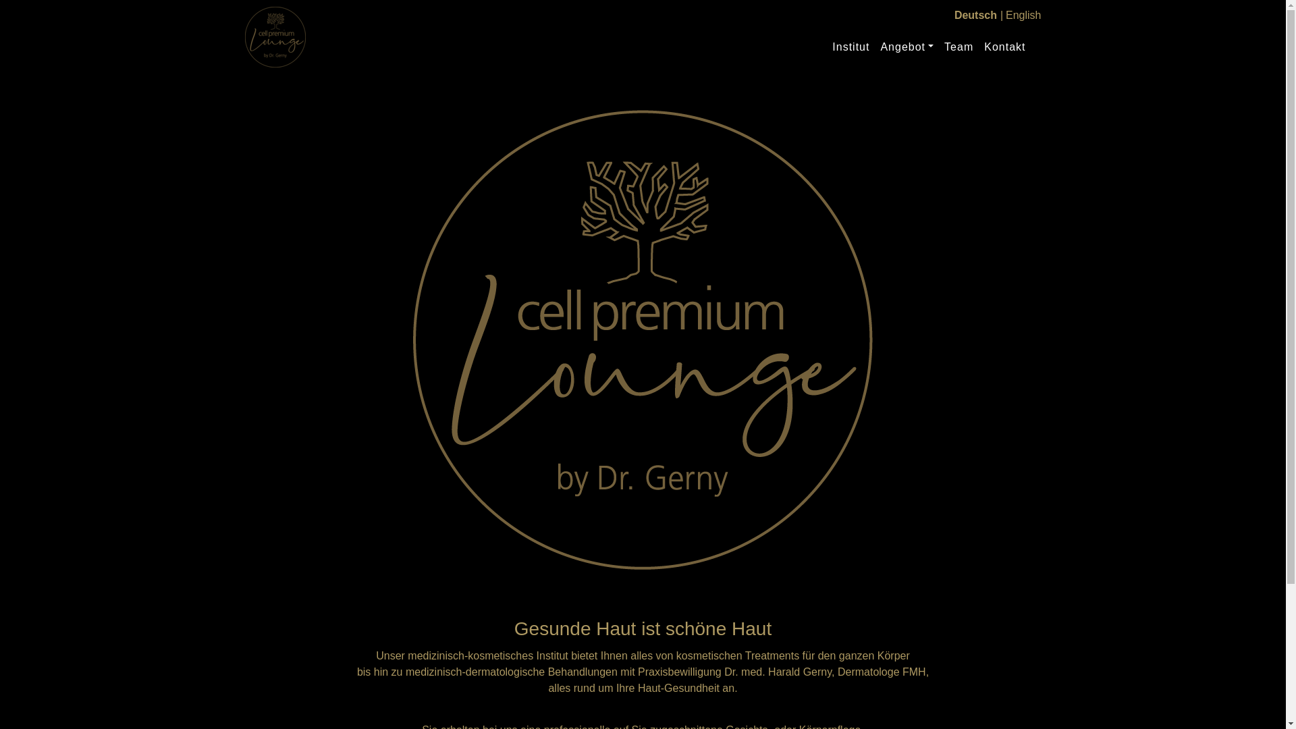 The width and height of the screenshot is (1296, 729). Describe the element at coordinates (907, 46) in the screenshot. I see `'Angebot'` at that location.